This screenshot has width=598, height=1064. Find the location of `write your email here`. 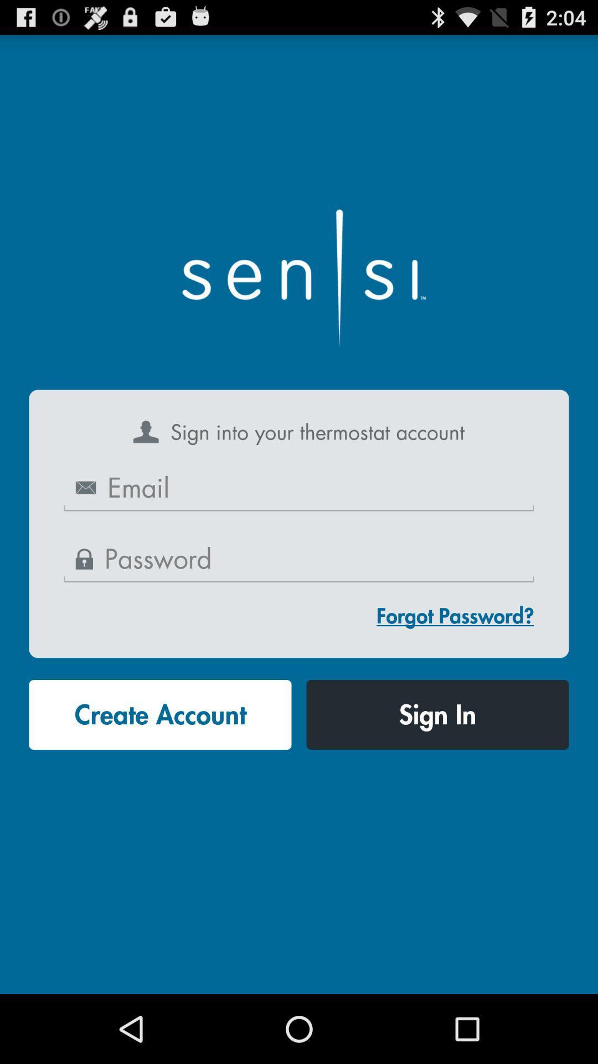

write your email here is located at coordinates (299, 488).